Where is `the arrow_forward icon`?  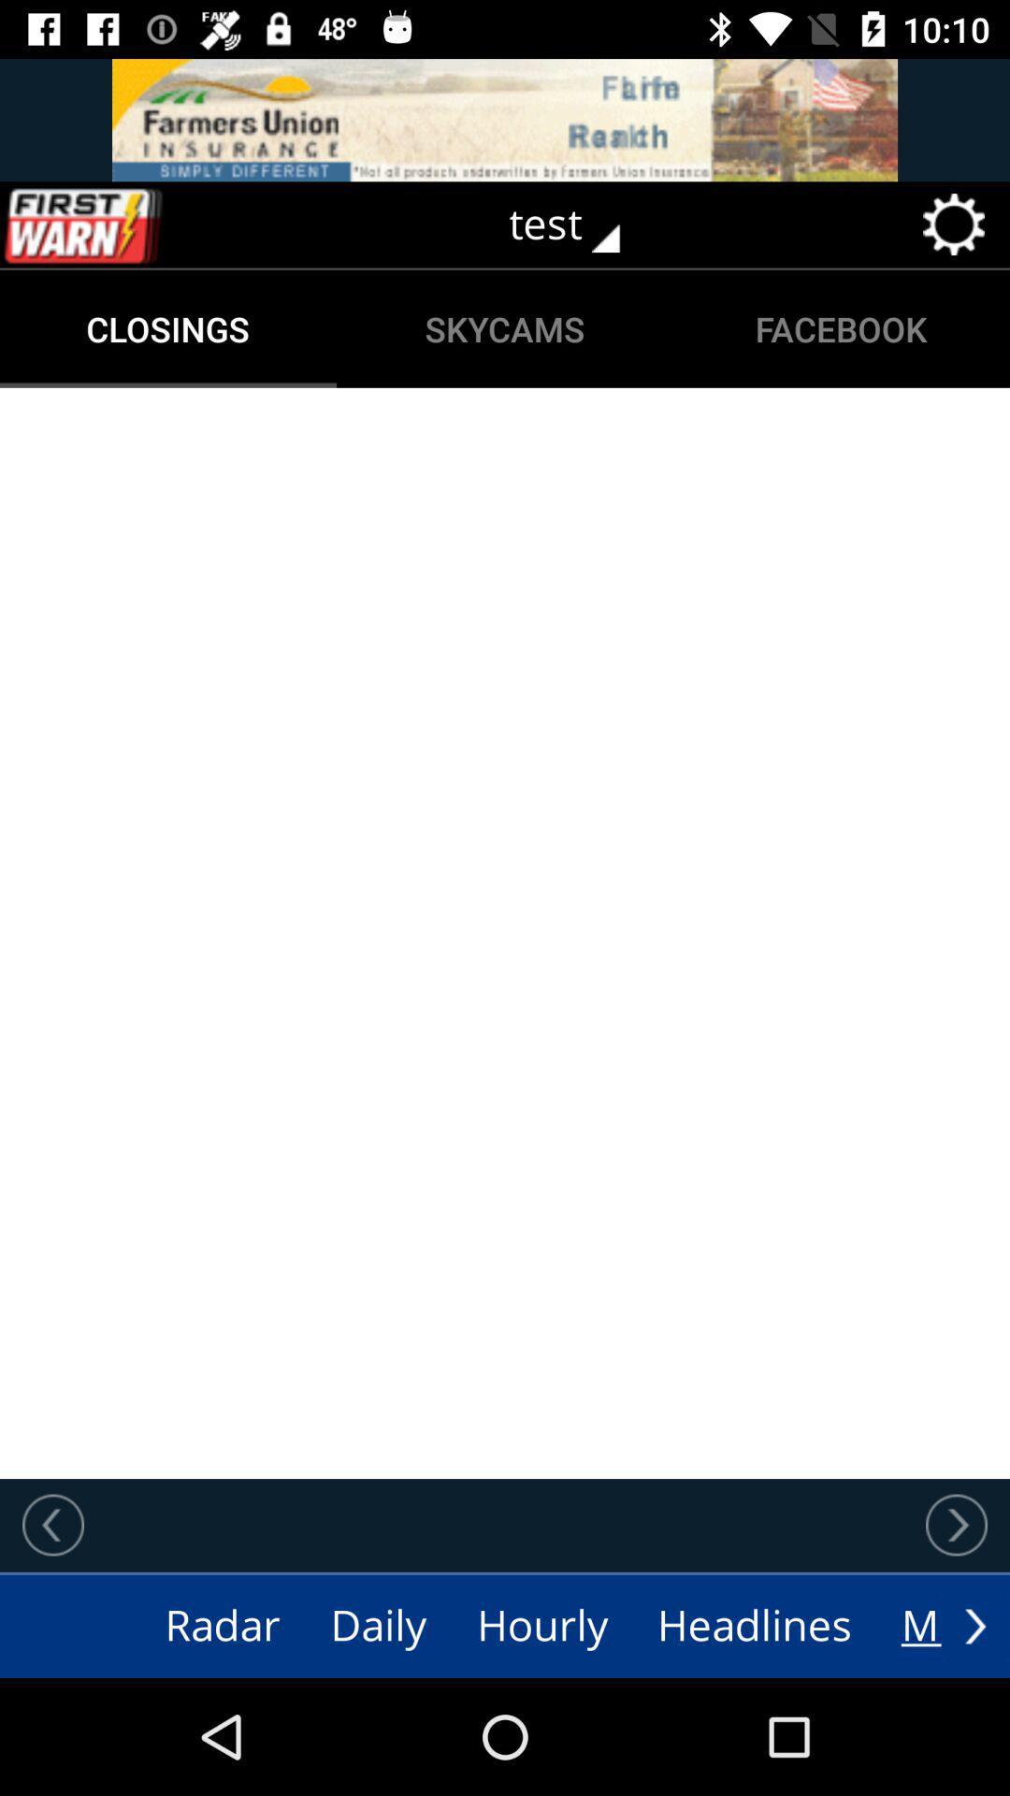 the arrow_forward icon is located at coordinates (974, 1625).